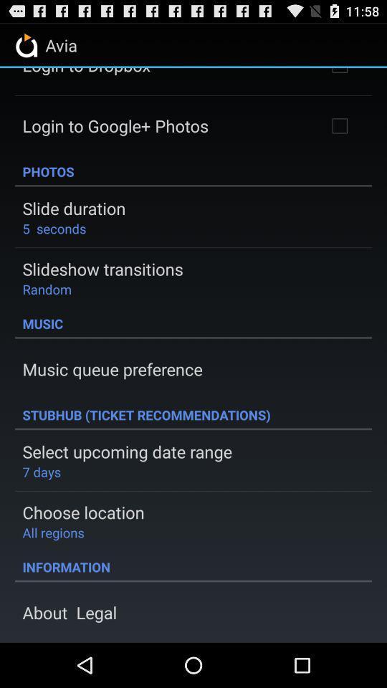 This screenshot has width=387, height=688. Describe the element at coordinates (69, 611) in the screenshot. I see `icon below the information app` at that location.